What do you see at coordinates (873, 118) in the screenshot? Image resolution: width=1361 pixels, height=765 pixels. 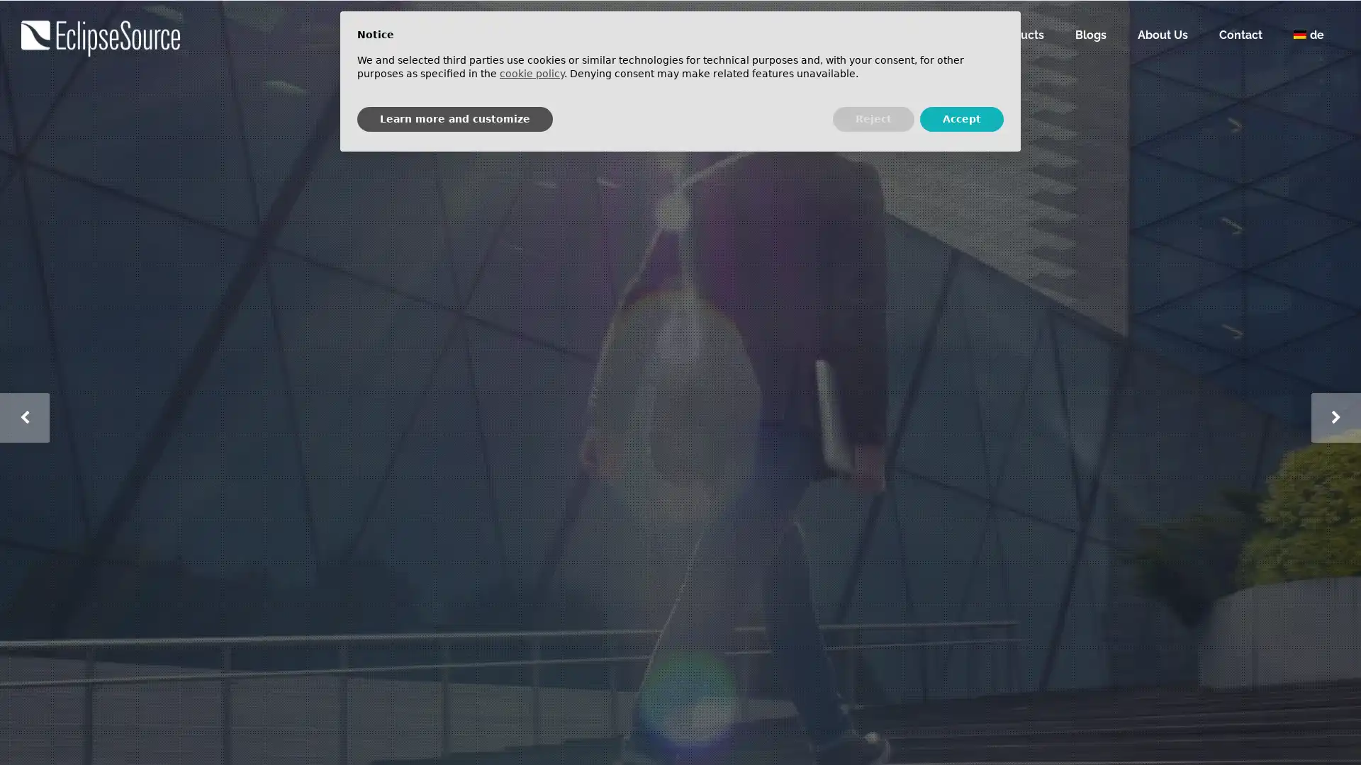 I see `Reject` at bounding box center [873, 118].